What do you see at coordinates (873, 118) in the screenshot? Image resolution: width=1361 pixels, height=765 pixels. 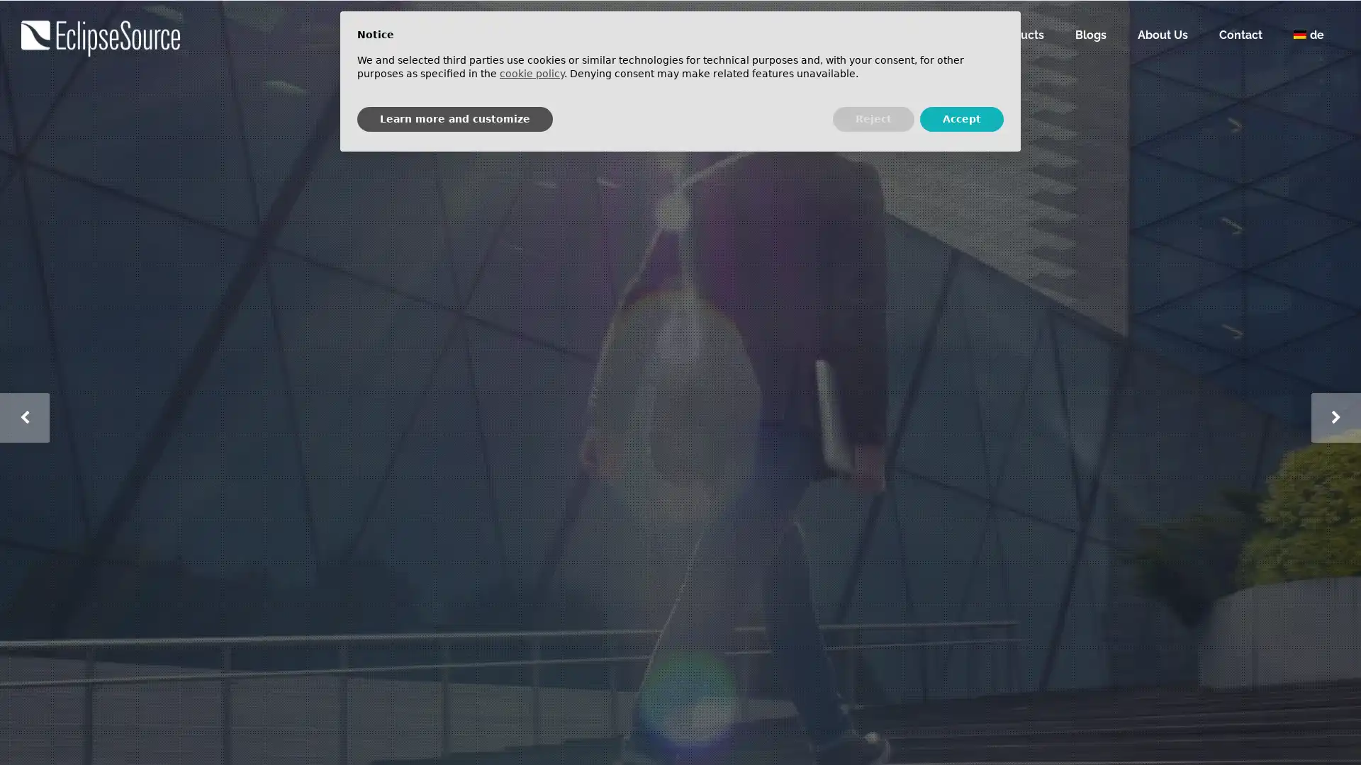 I see `Reject` at bounding box center [873, 118].